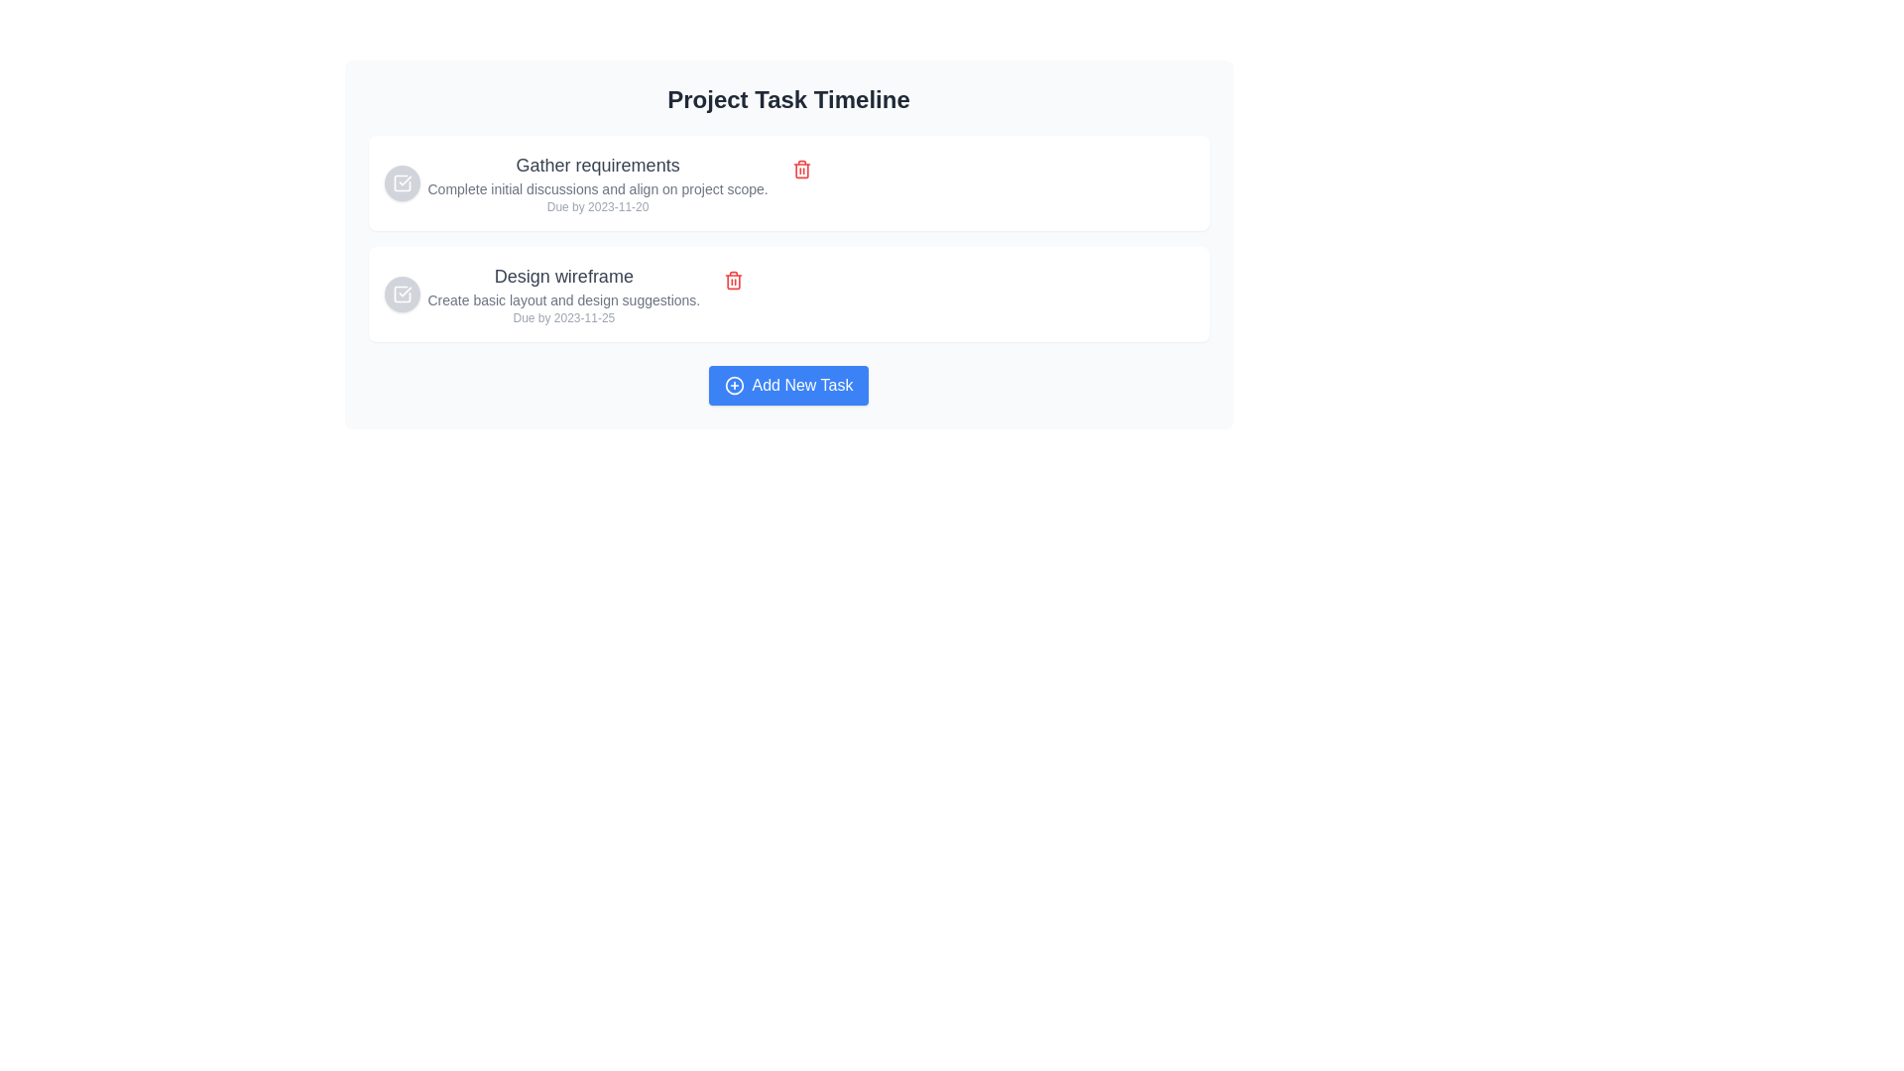 This screenshot has height=1071, width=1904. What do you see at coordinates (787, 386) in the screenshot?
I see `the blue rectangular button with rounded edges labeled 'Add New Task'` at bounding box center [787, 386].